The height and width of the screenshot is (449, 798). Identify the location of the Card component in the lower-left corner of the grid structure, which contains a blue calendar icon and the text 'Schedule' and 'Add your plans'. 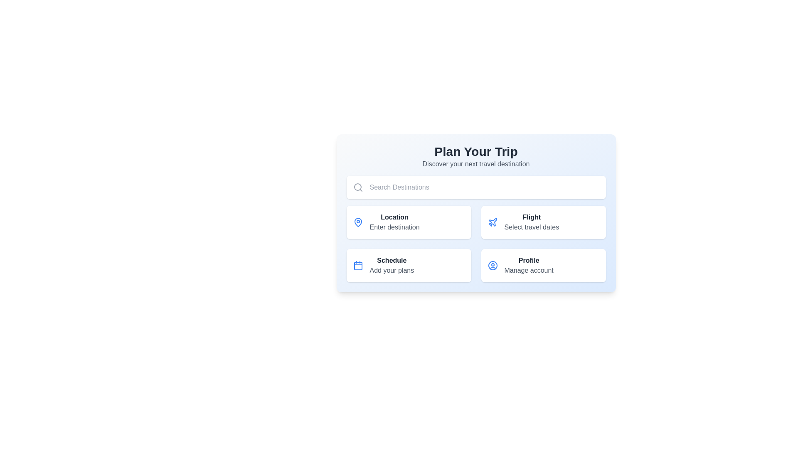
(409, 266).